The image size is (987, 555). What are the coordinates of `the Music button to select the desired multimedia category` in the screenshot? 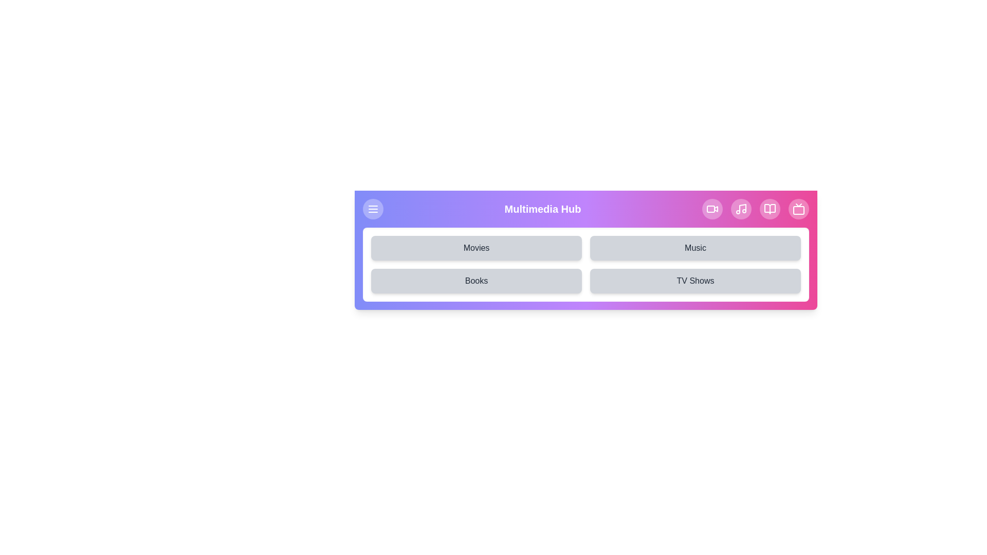 It's located at (696, 248).